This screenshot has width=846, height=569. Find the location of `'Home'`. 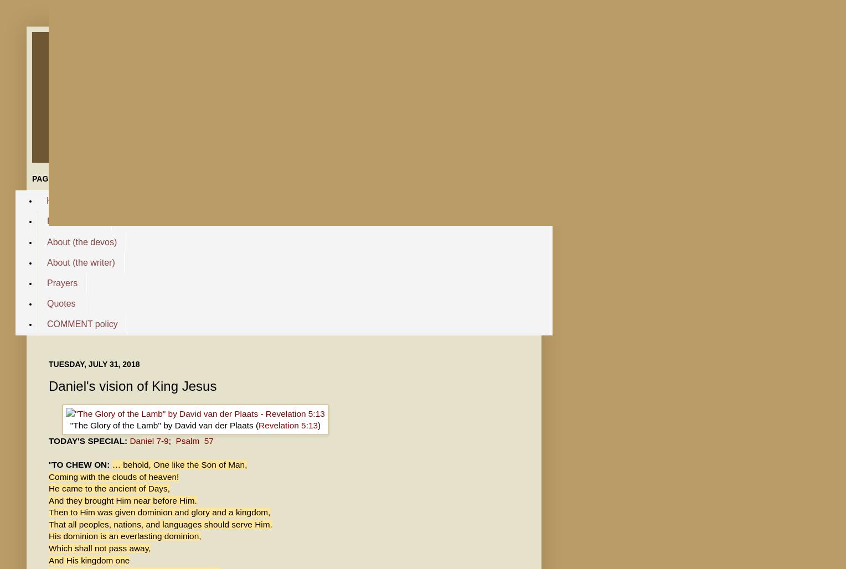

'Home' is located at coordinates (57, 200).